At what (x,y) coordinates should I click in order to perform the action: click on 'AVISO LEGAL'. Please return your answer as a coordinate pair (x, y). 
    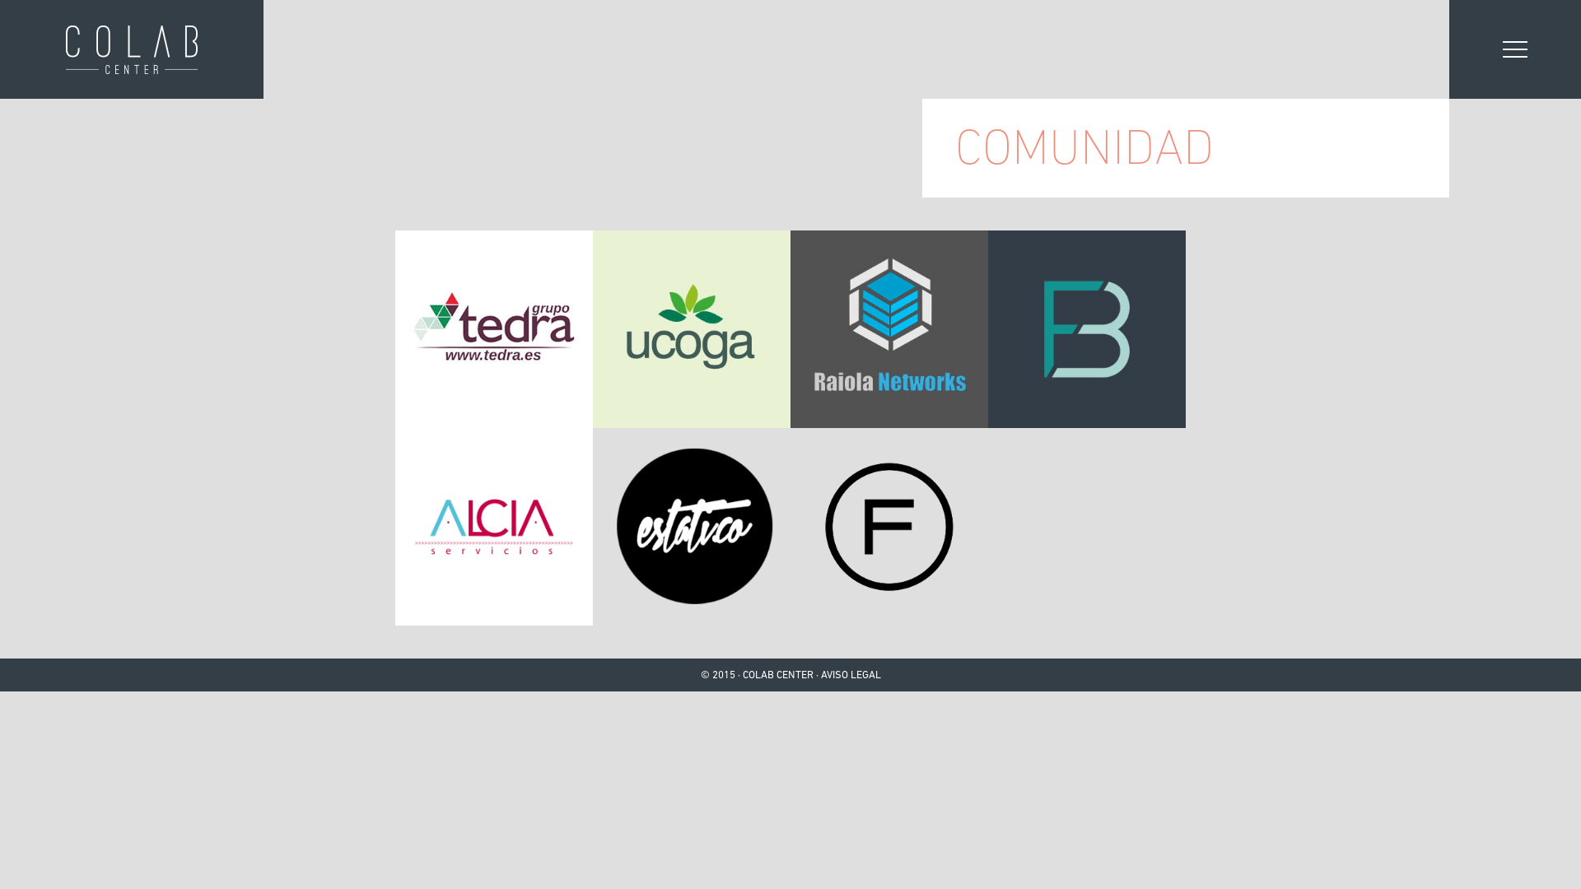
    Looking at the image, I should click on (850, 675).